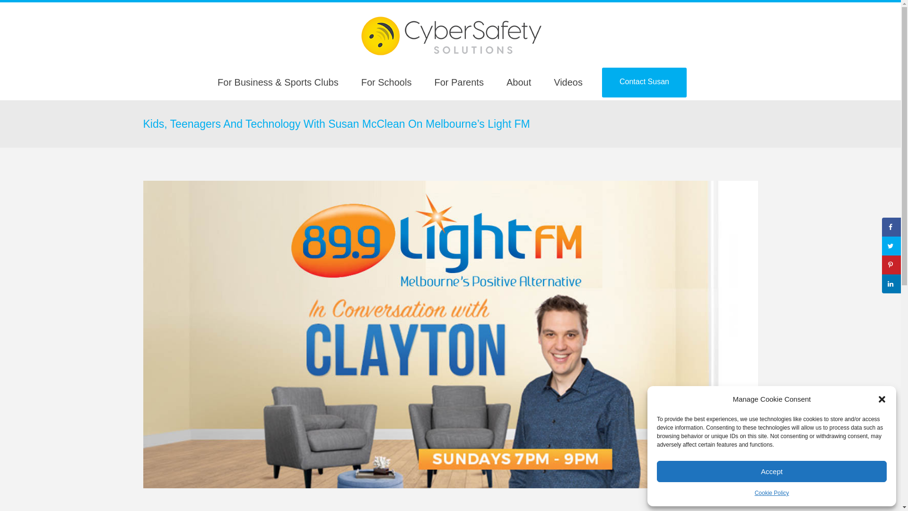 The width and height of the screenshot is (908, 511). What do you see at coordinates (518, 82) in the screenshot?
I see `'About'` at bounding box center [518, 82].